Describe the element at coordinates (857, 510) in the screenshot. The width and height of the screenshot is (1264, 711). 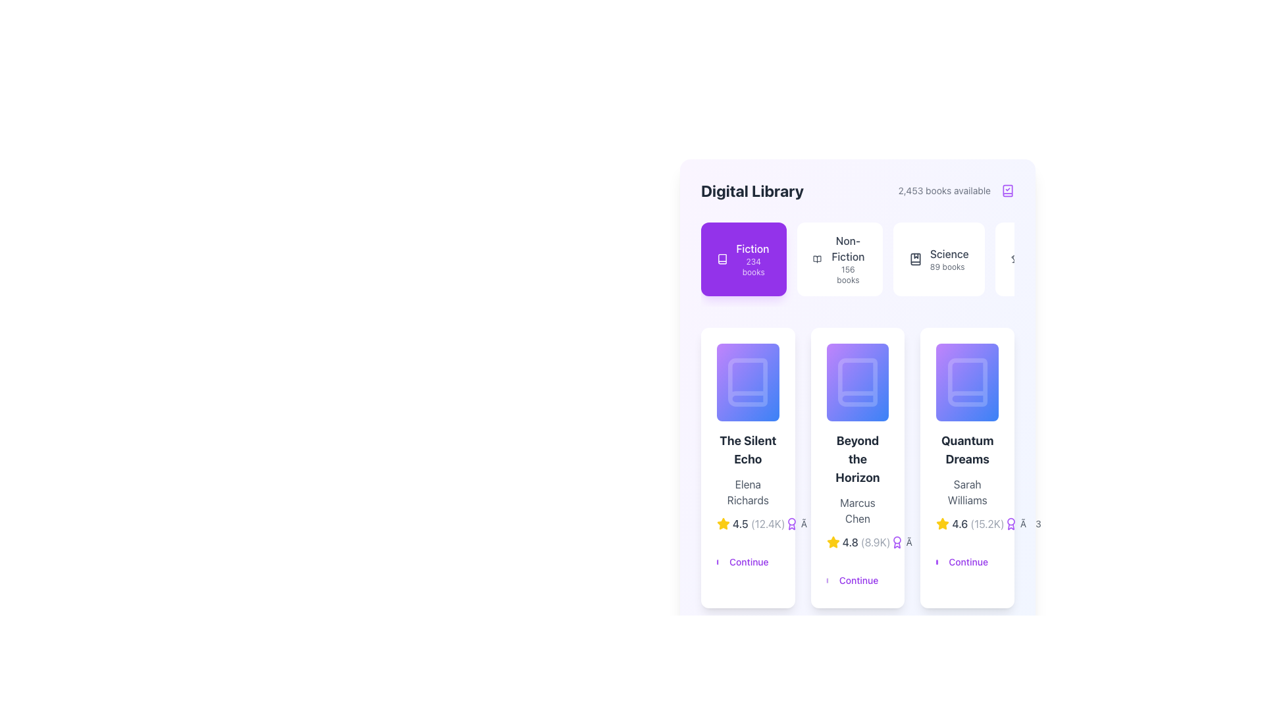
I see `the static text displaying the author's name for the book titled 'Beyond the Horizon', which is located directly beneath the title in the second card of a horizontally-aligned list of book cards` at that location.